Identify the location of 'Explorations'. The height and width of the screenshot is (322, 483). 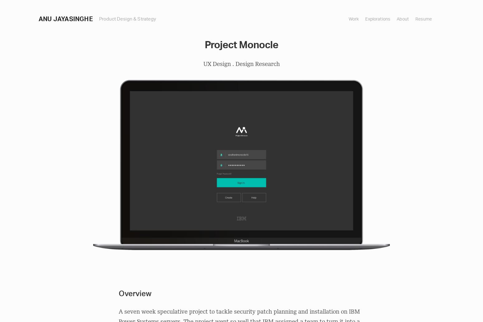
(365, 19).